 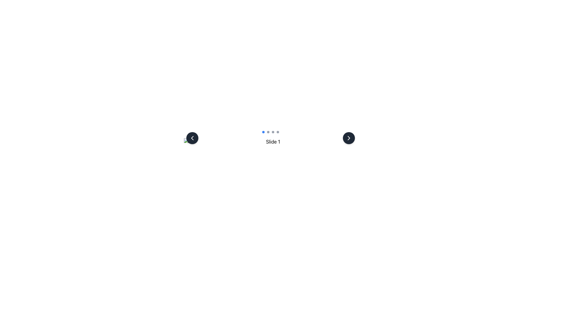 I want to click on the Carousel navigation indicators, so click(x=270, y=132).